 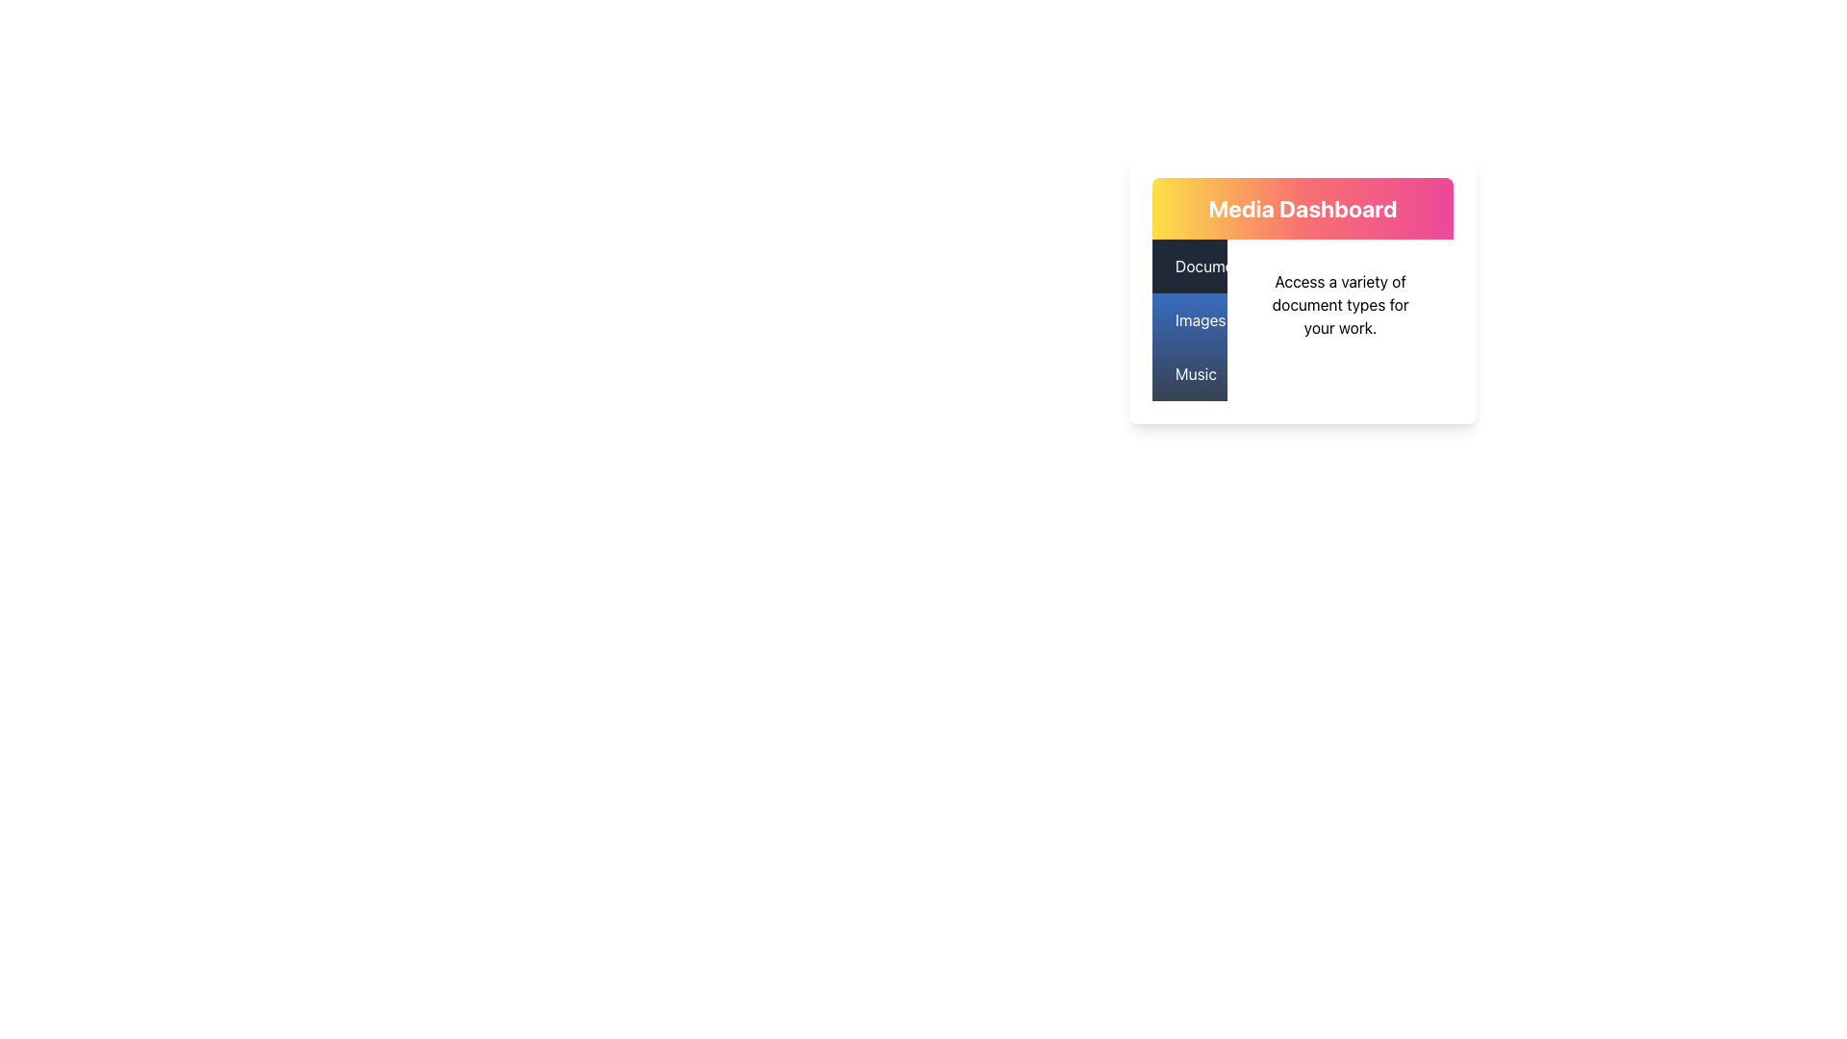 What do you see at coordinates (1195, 374) in the screenshot?
I see `the 'Music' Text Label located in the Media Dashboard section` at bounding box center [1195, 374].